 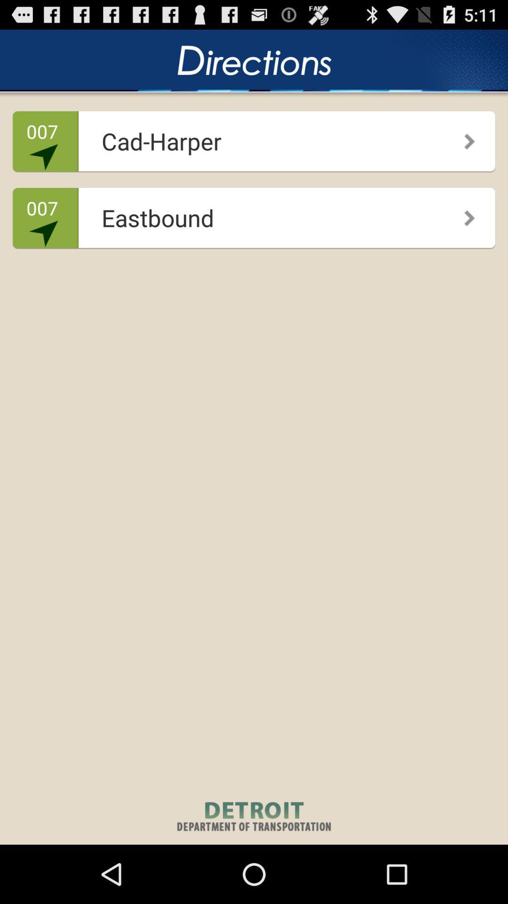 I want to click on eastbound, so click(x=251, y=214).